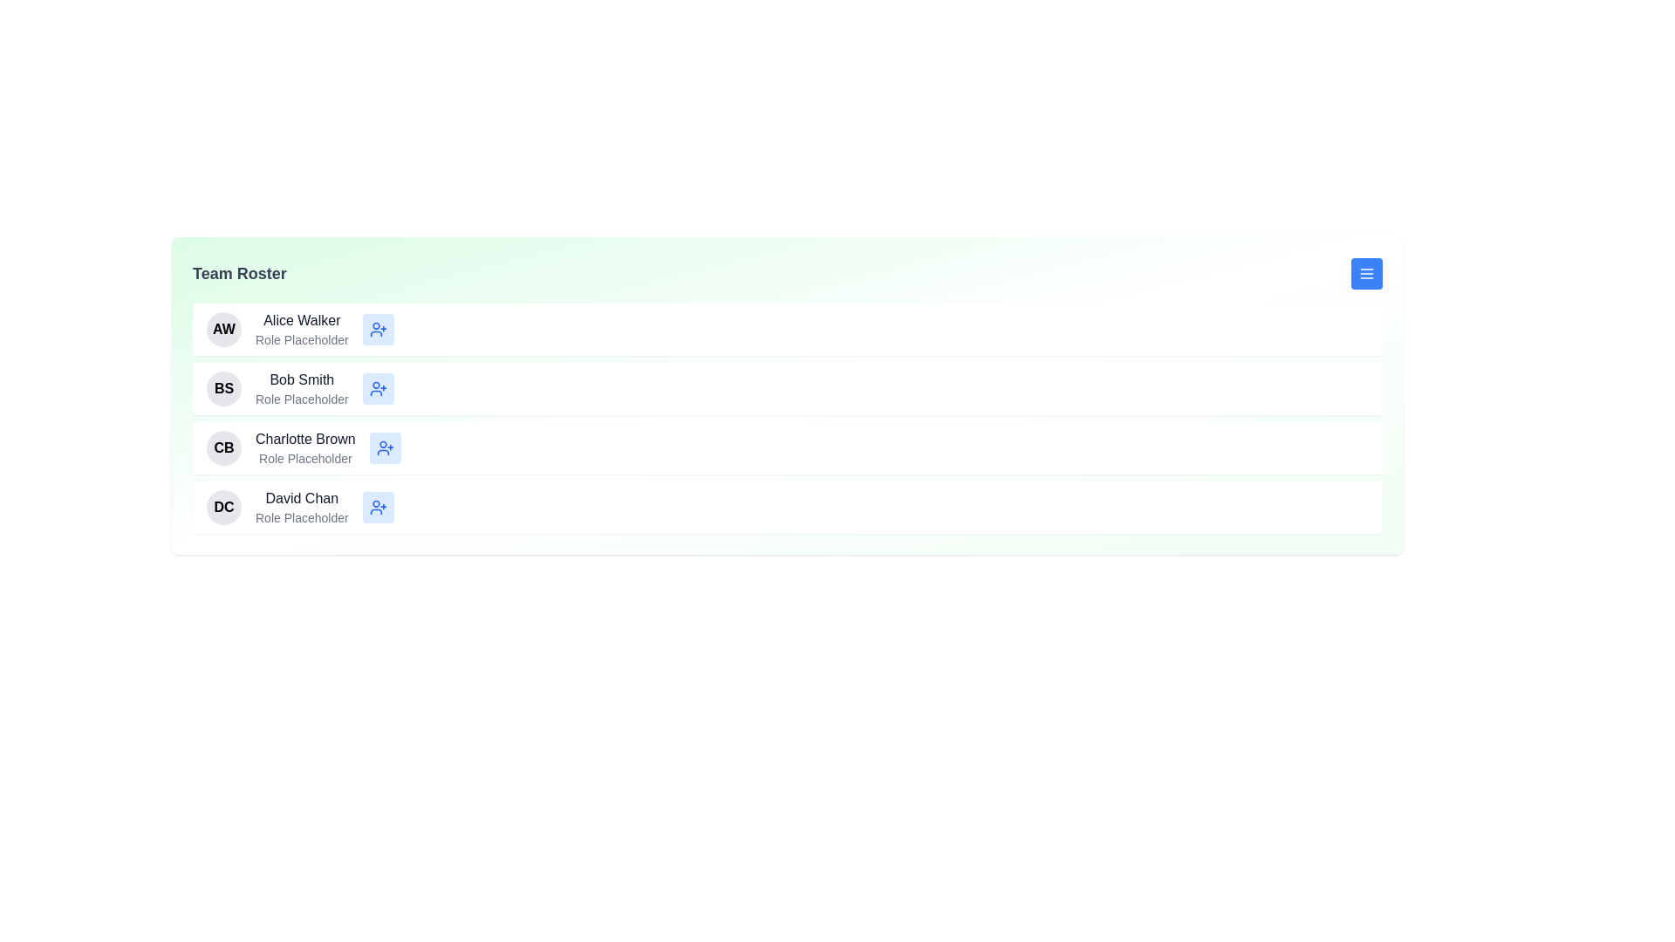 This screenshot has height=942, width=1675. What do you see at coordinates (302, 339) in the screenshot?
I see `the static text label displaying 'Role Placeholder' located directly below 'Alice Walker' in the 'Team Roster' list` at bounding box center [302, 339].